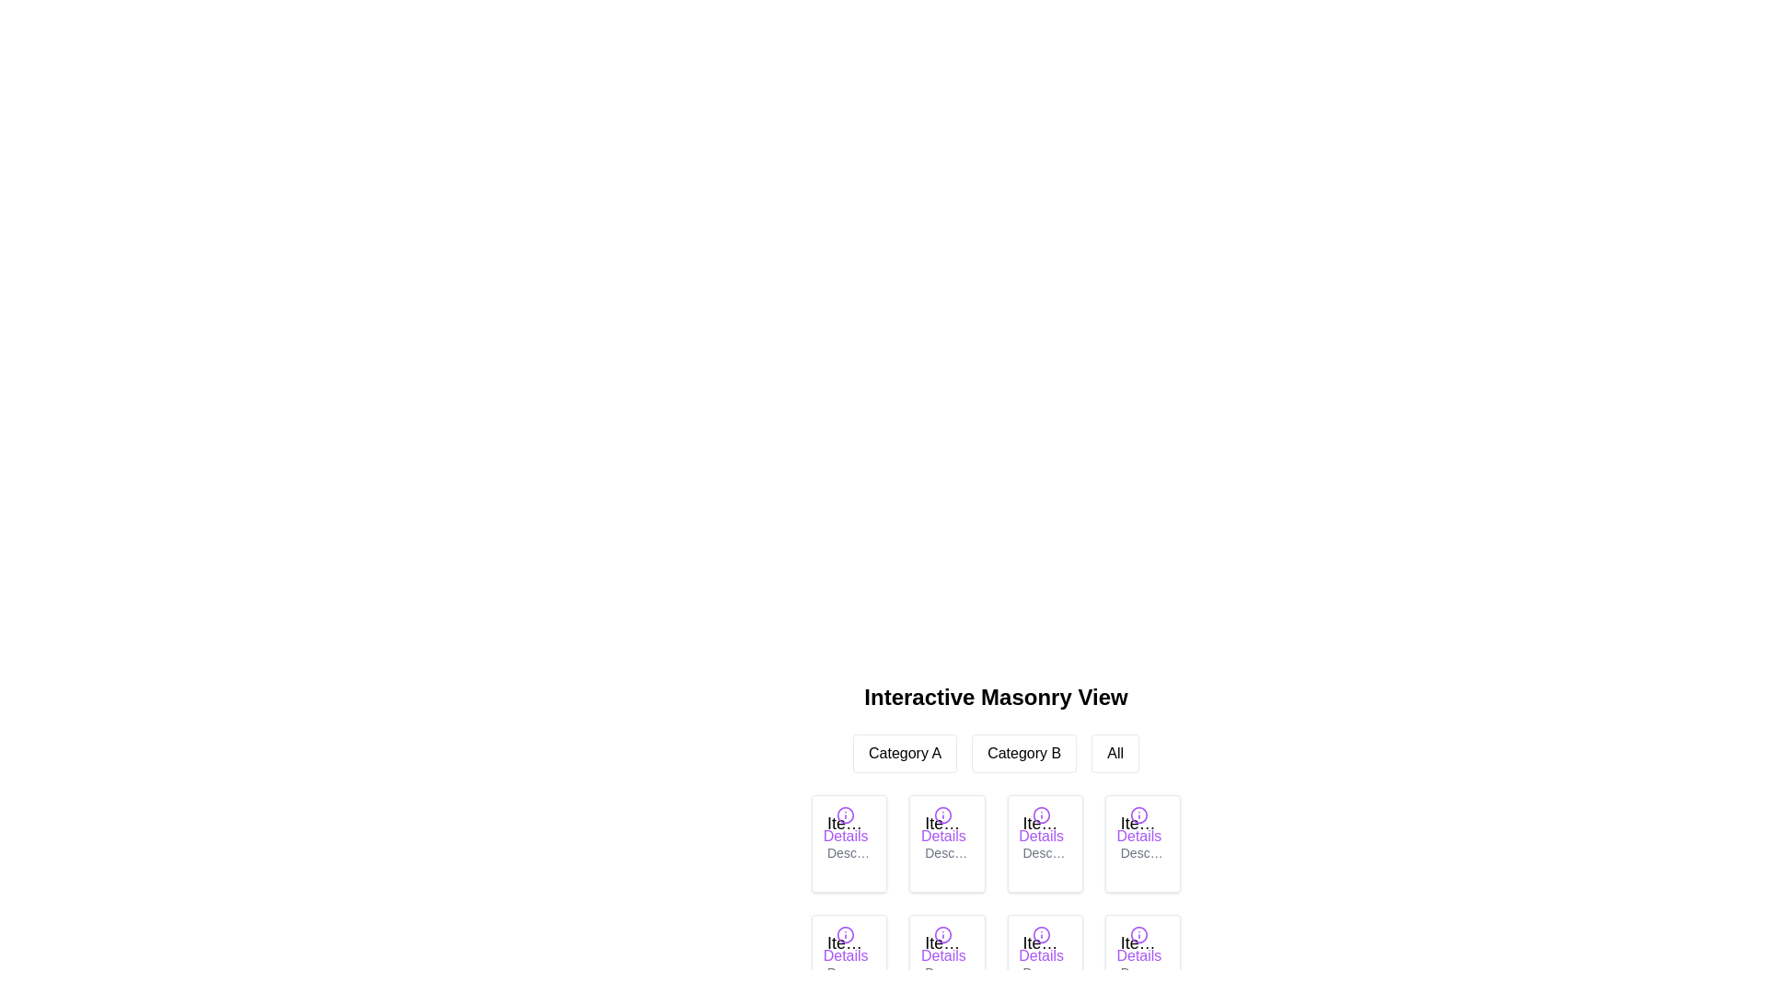 The height and width of the screenshot is (994, 1767). Describe the element at coordinates (1138, 944) in the screenshot. I see `the interactive text link for 'Item 8' located in the top-right corner of its card` at that location.